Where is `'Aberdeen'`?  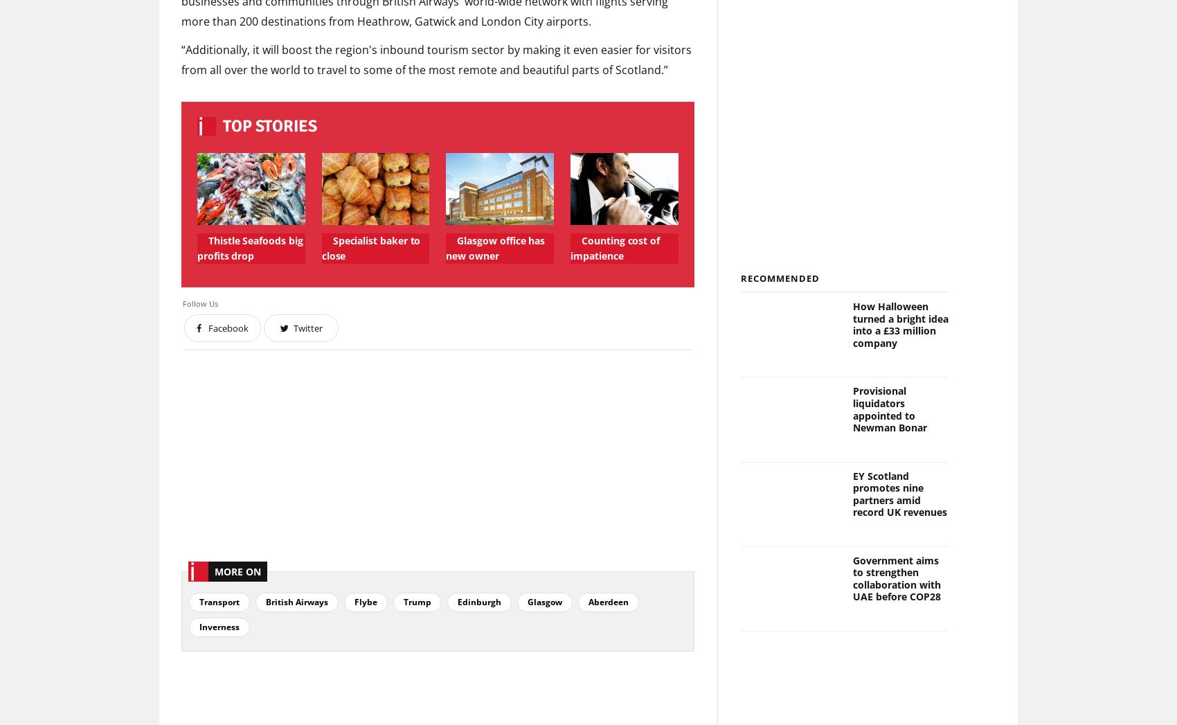 'Aberdeen' is located at coordinates (609, 601).